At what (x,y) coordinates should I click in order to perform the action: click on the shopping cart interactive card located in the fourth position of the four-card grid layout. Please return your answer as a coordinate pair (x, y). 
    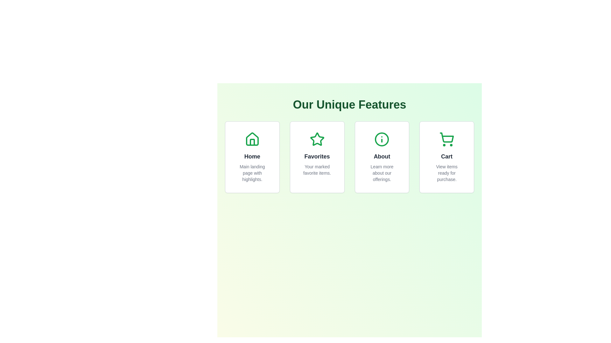
    Looking at the image, I should click on (446, 157).